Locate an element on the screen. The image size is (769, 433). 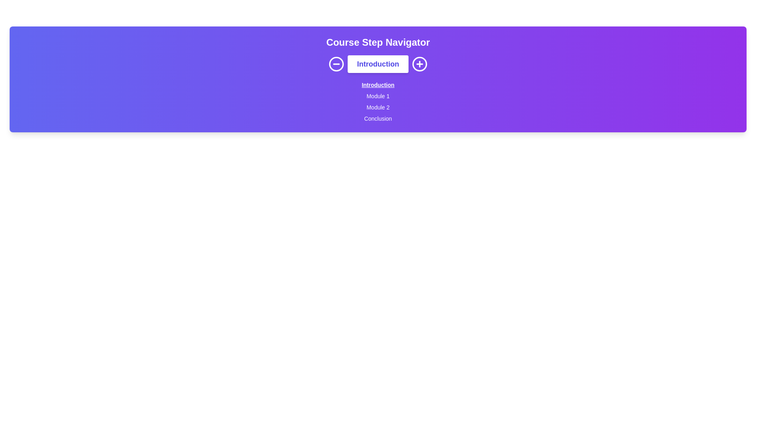
the Text Label that serves as a title for the 'Course Step Navigator', which is located directly above the 'Introduction' interactive component and navigation icons is located at coordinates (378, 42).